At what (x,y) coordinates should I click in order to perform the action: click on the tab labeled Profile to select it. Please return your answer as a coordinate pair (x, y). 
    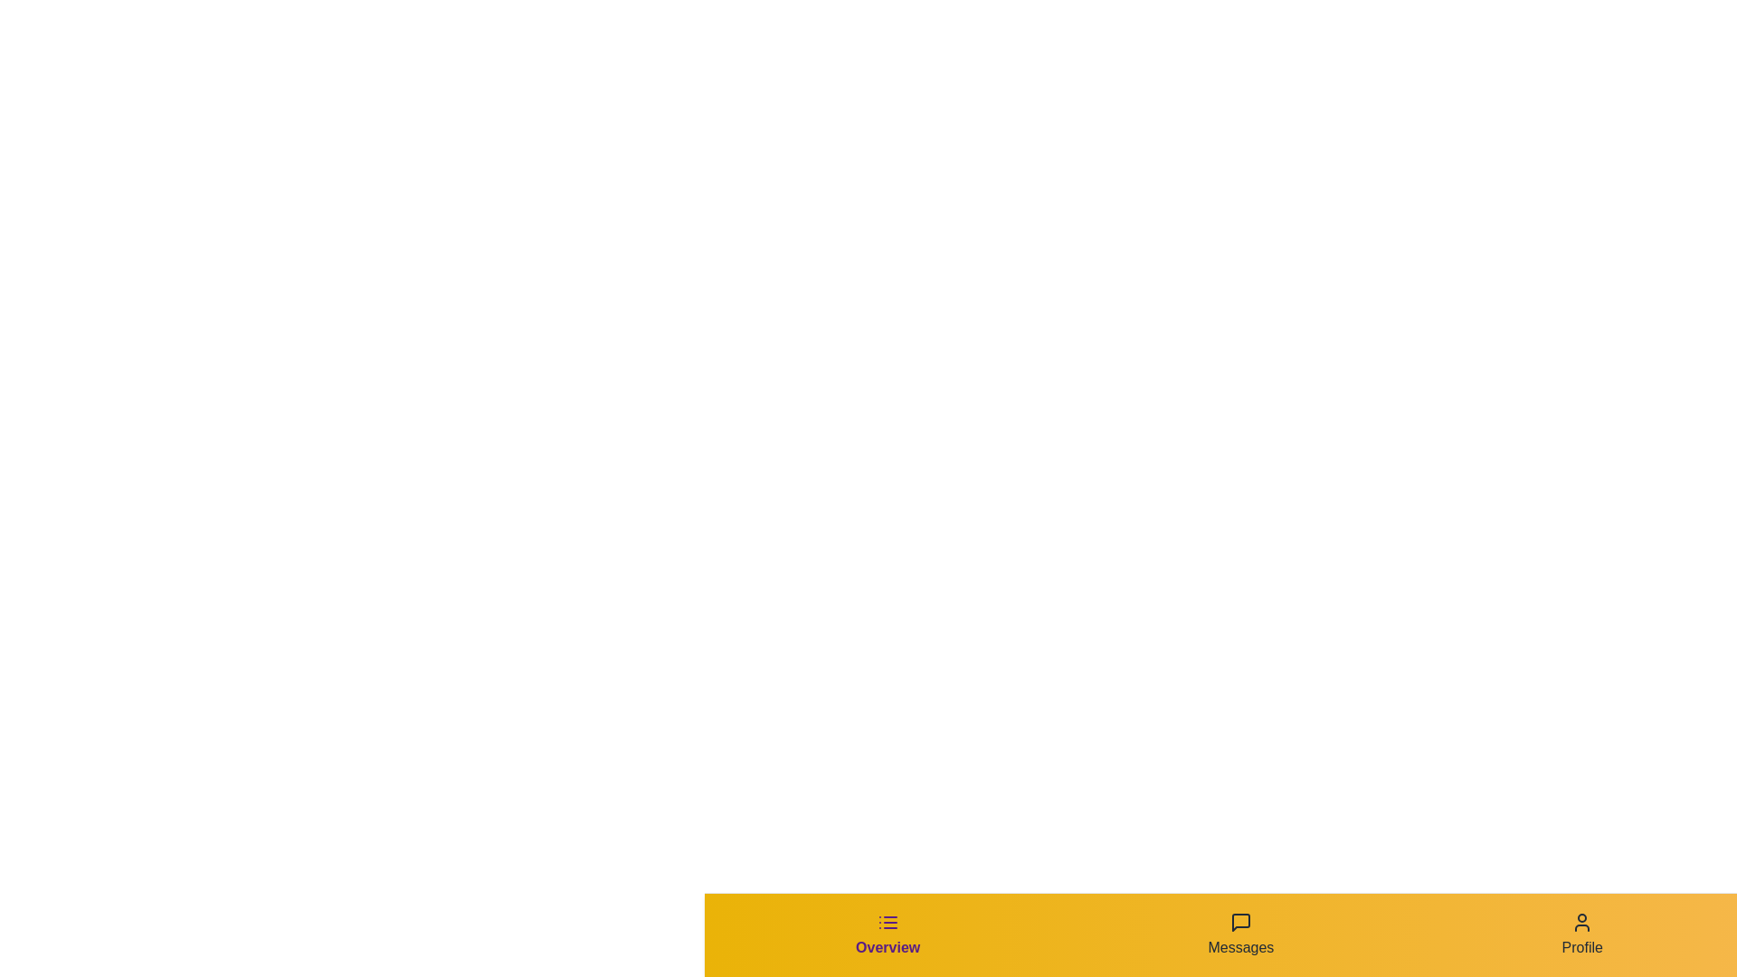
    Looking at the image, I should click on (1581, 934).